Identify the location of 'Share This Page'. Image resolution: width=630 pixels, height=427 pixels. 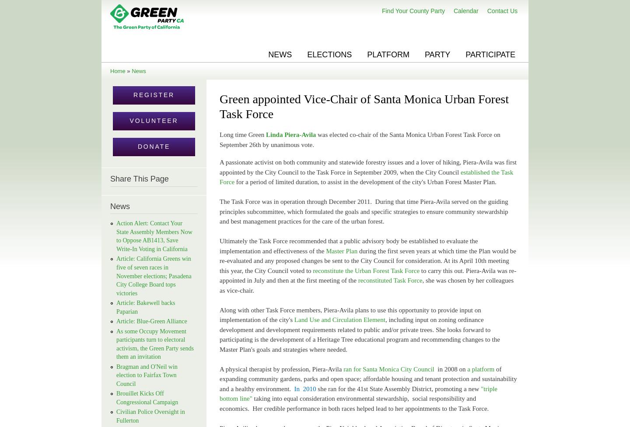
(139, 178).